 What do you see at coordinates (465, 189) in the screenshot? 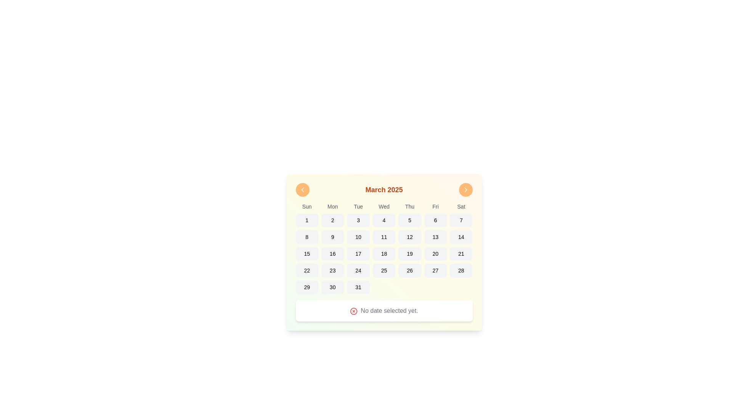
I see `the navigation icon located in the top-right corner of the calendar interface, which is within a bright orange circle` at bounding box center [465, 189].